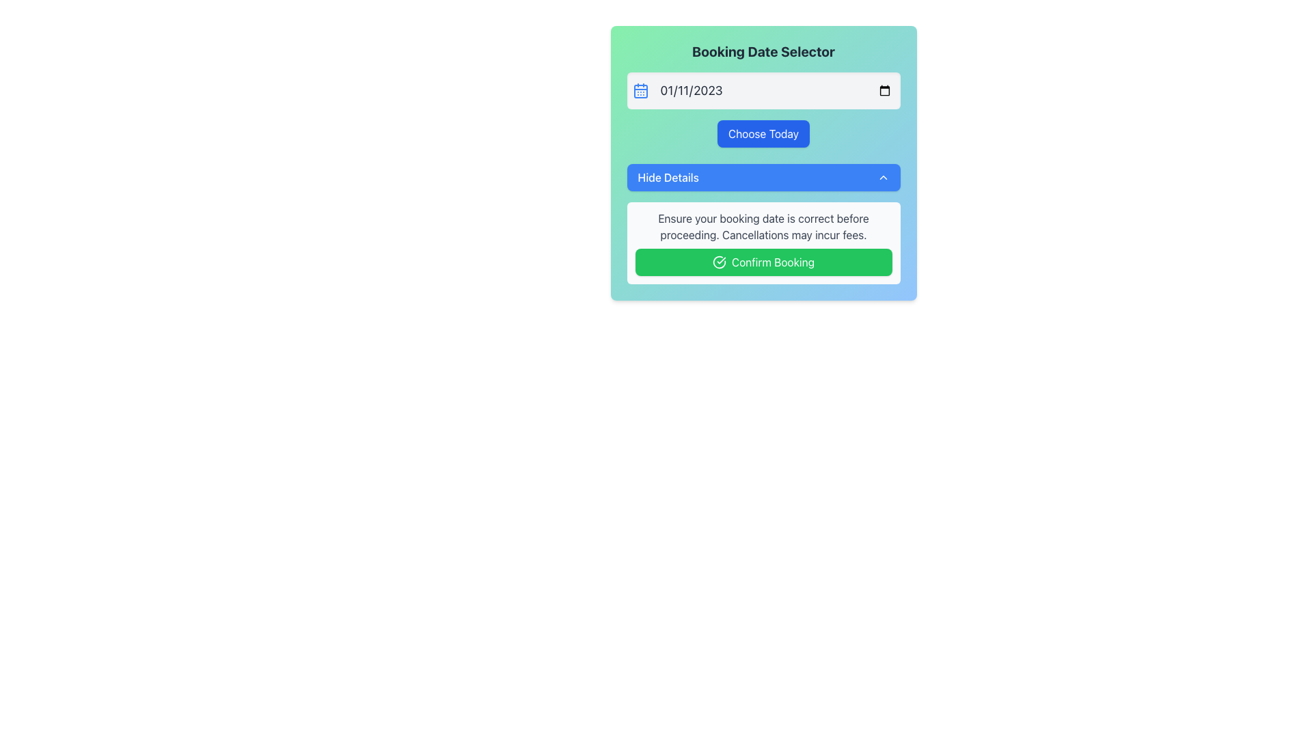 The image size is (1312, 738). Describe the element at coordinates (763, 262) in the screenshot. I see `the green 'Confirm Booking' button with a checkmark icon to confirm the booking` at that location.